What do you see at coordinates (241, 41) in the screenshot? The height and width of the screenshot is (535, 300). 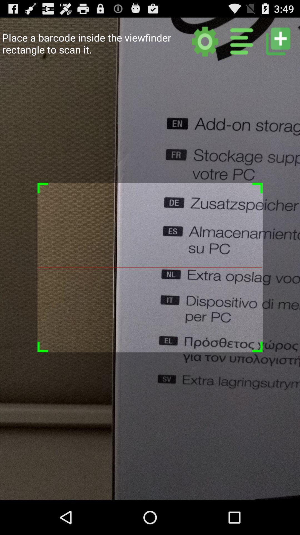 I see `other categories` at bounding box center [241, 41].